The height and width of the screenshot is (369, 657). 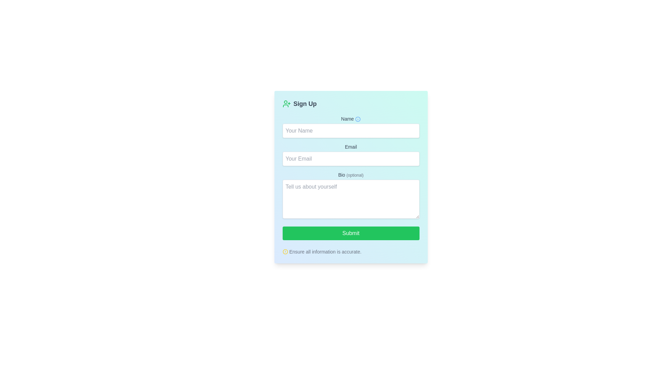 What do you see at coordinates (351, 146) in the screenshot?
I see `the 'Email' text label, which is styled in a medium-sized gray font and positioned above the email input field` at bounding box center [351, 146].